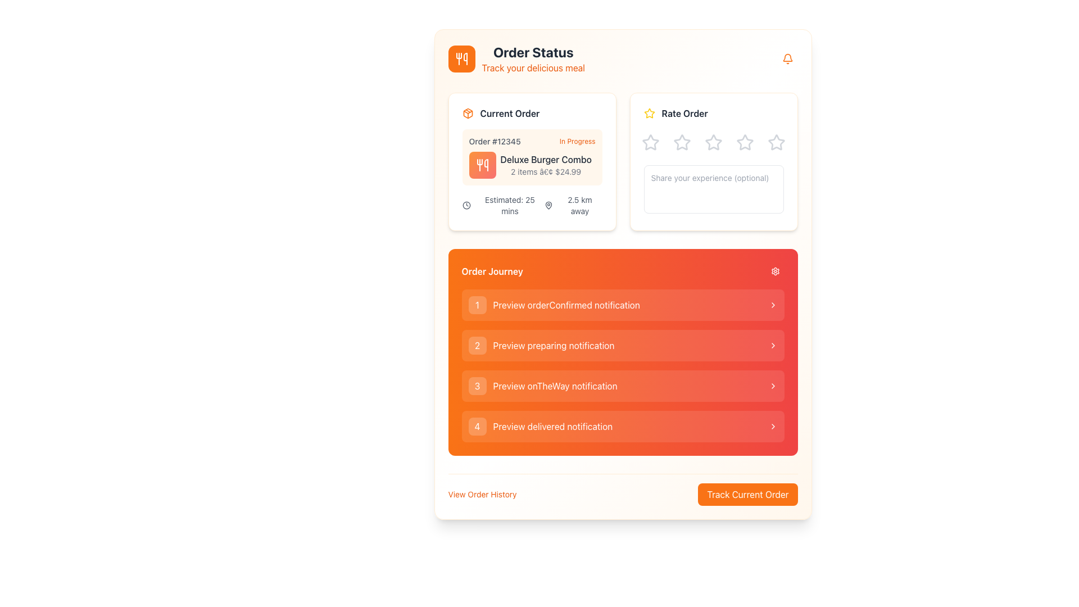  I want to click on the centrally positioned text label that serves as a title for the current order's details, located above the order details summary, so click(509, 113).